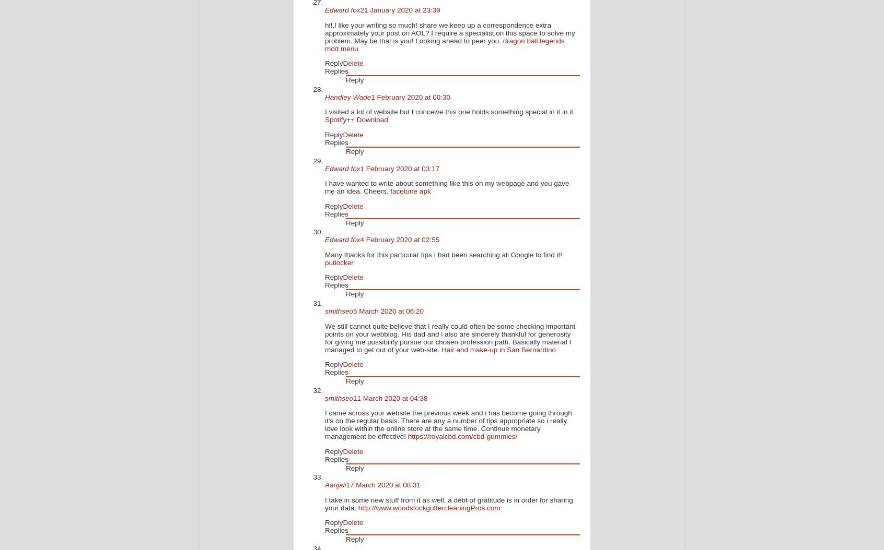 The width and height of the screenshot is (884, 550). Describe the element at coordinates (410, 191) in the screenshot. I see `'facetune apk'` at that location.